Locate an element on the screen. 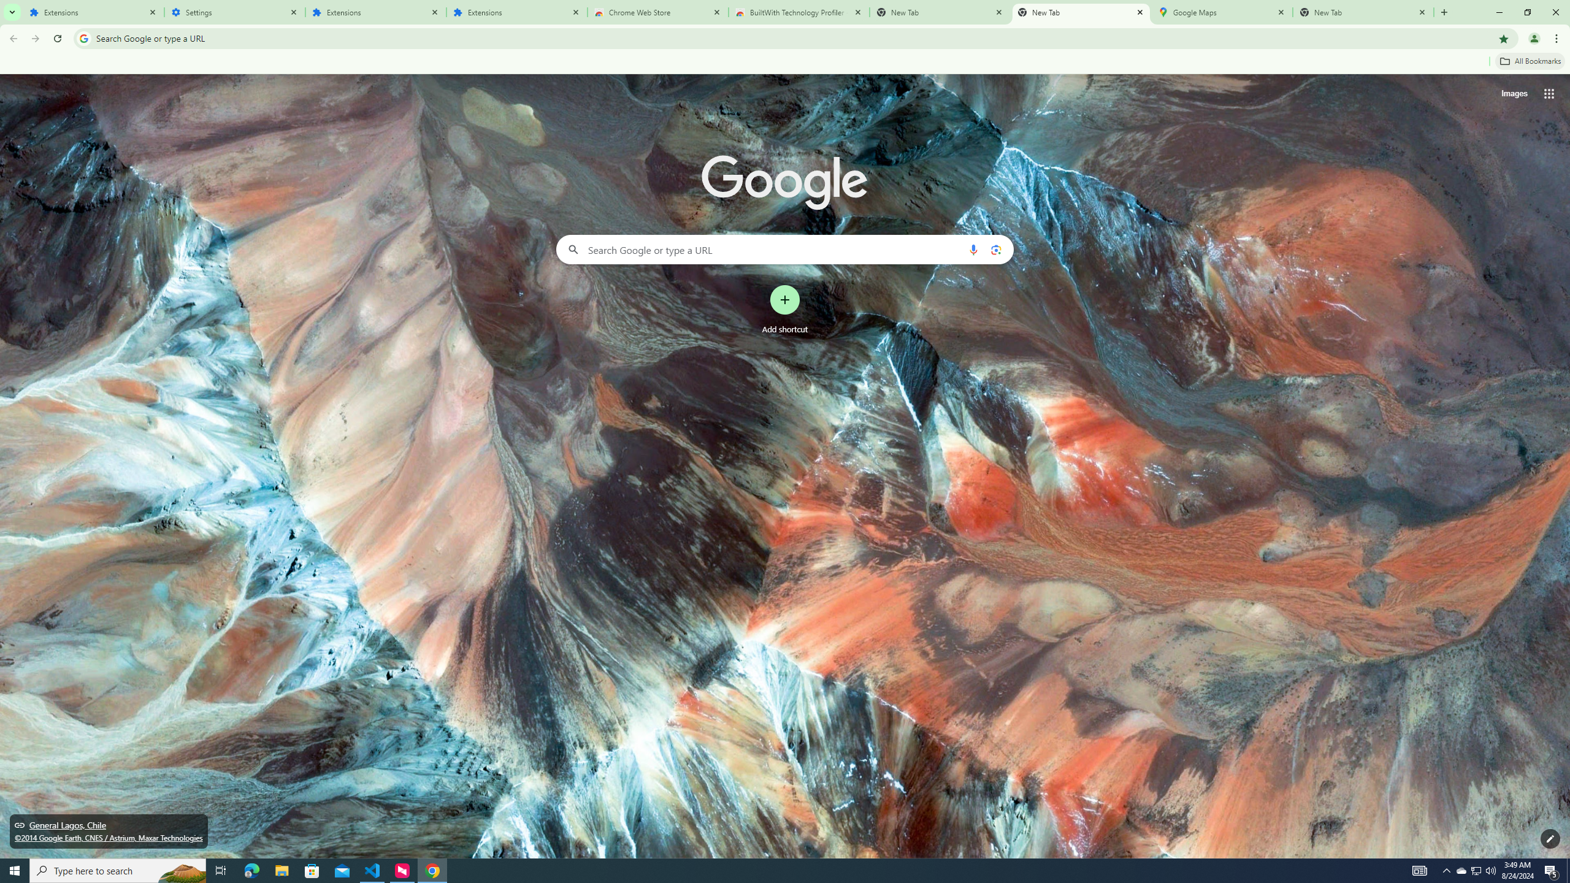 The image size is (1570, 883). 'New Tab' is located at coordinates (1363, 12).